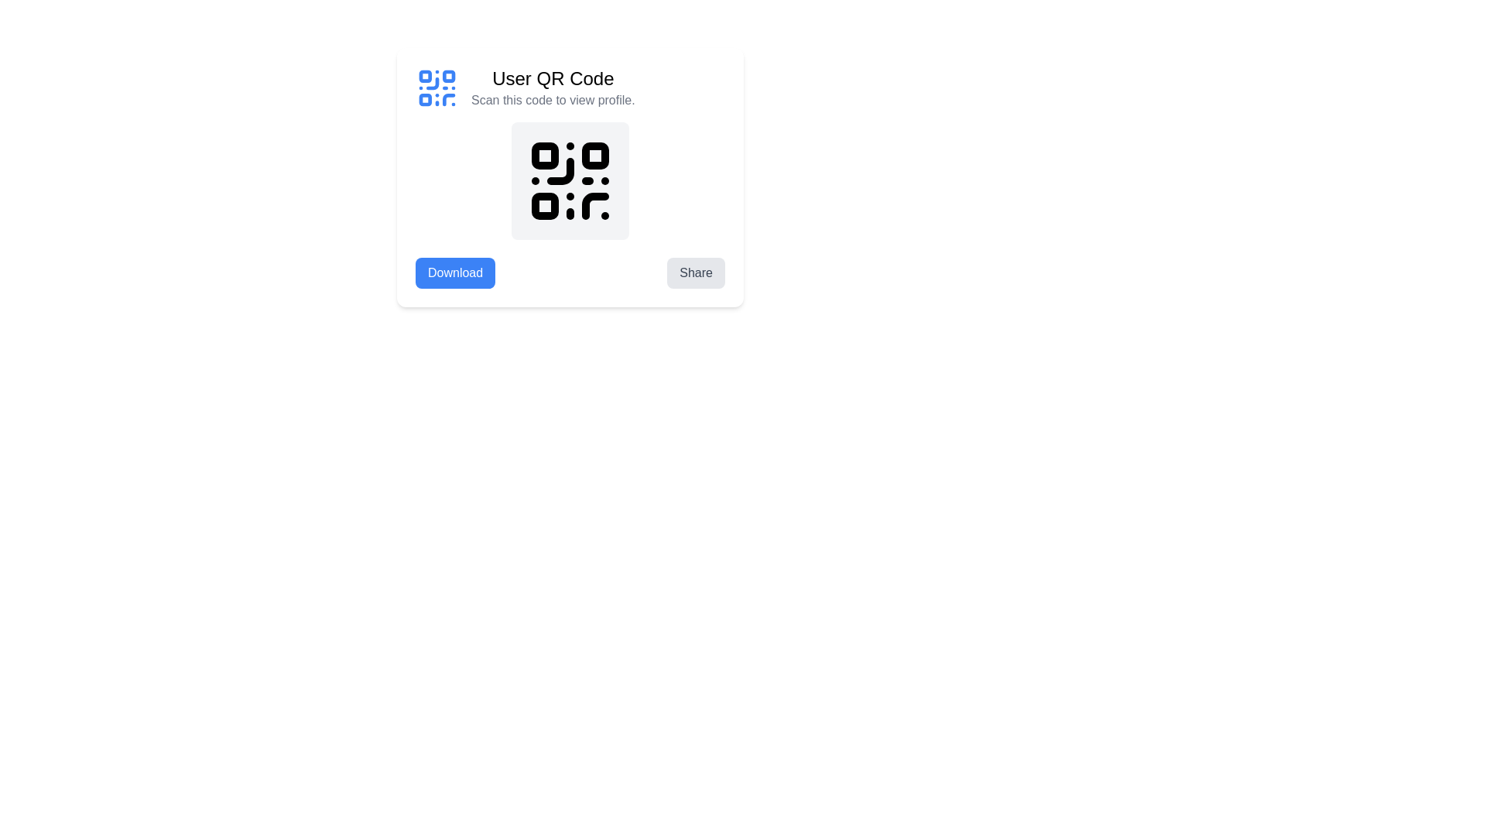  Describe the element at coordinates (425, 100) in the screenshot. I see `the small blue square with rounded corners located in the bottom-left corner of the QR code representation` at that location.